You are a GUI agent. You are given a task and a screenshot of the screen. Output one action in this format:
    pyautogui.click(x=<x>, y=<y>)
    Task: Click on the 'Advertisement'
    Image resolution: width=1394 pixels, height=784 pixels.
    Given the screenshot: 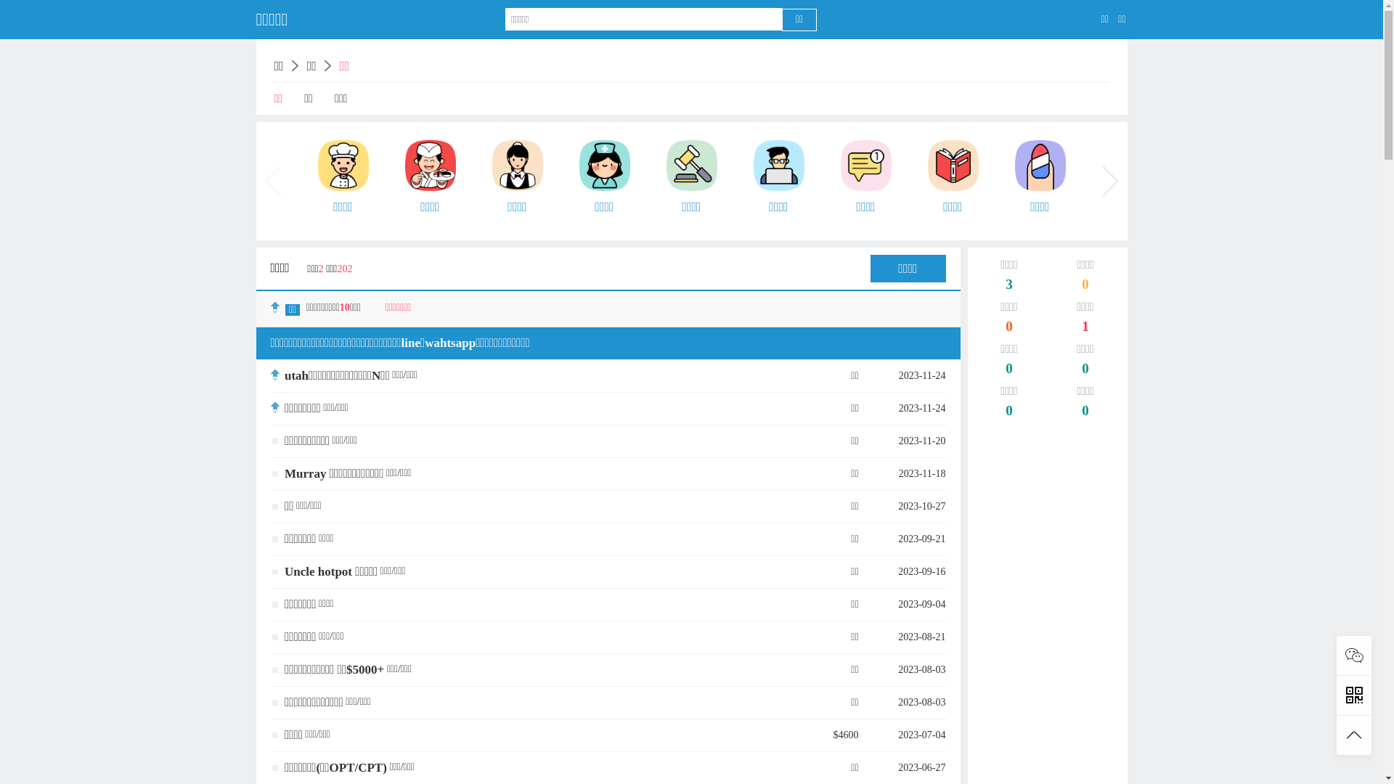 What is the action you would take?
    pyautogui.click(x=974, y=506)
    